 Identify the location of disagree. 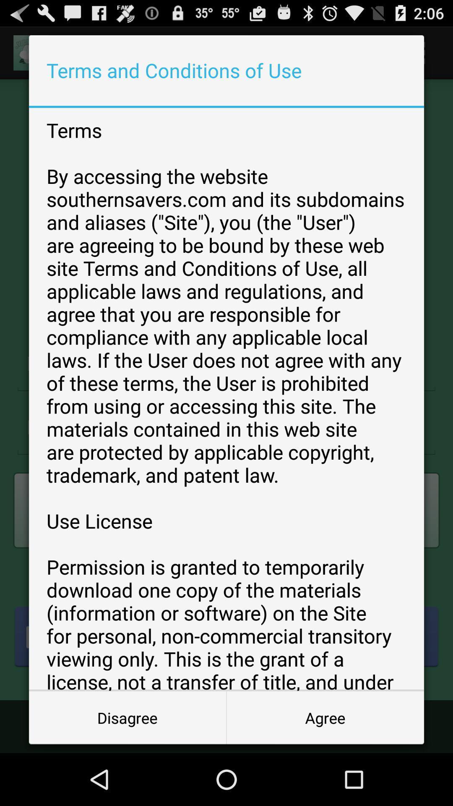
(128, 717).